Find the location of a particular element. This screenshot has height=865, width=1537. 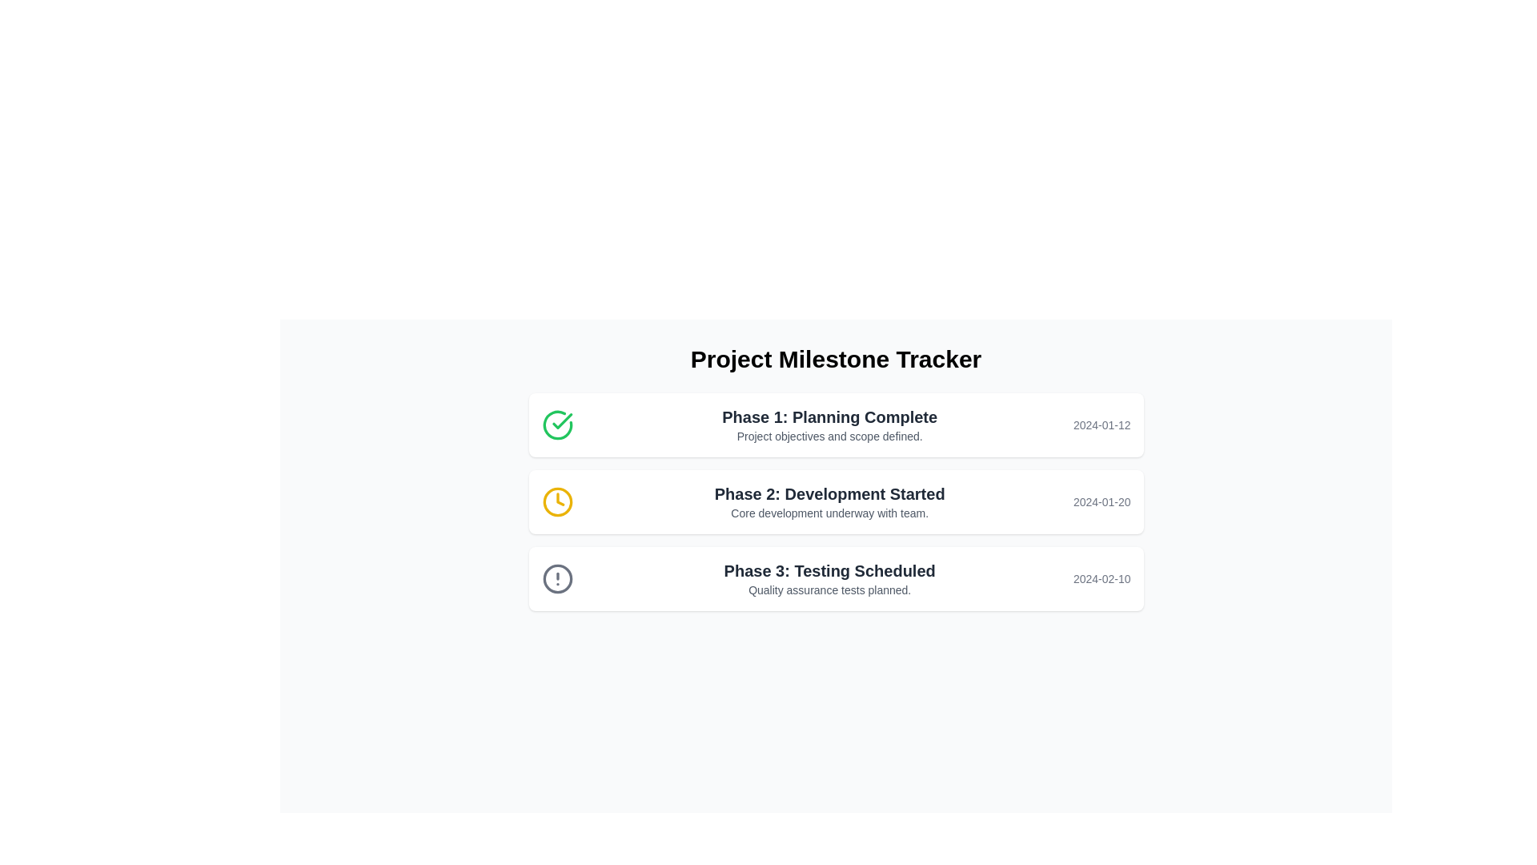

date information displayed in the right-aligned text label showing '2024-01-20' within the 'Phase 2: Development Started' section is located at coordinates (1101, 501).